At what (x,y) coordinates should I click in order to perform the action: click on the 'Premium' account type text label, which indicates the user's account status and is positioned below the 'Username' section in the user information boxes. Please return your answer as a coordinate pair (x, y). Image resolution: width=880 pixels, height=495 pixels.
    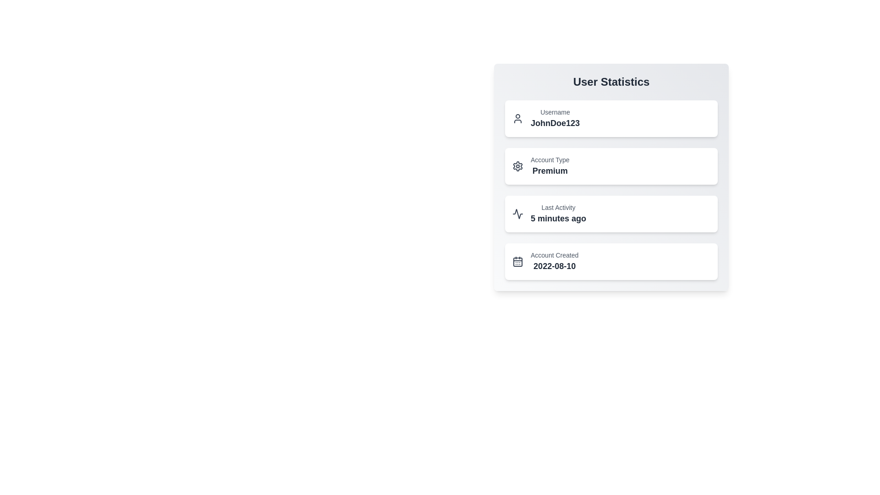
    Looking at the image, I should click on (550, 171).